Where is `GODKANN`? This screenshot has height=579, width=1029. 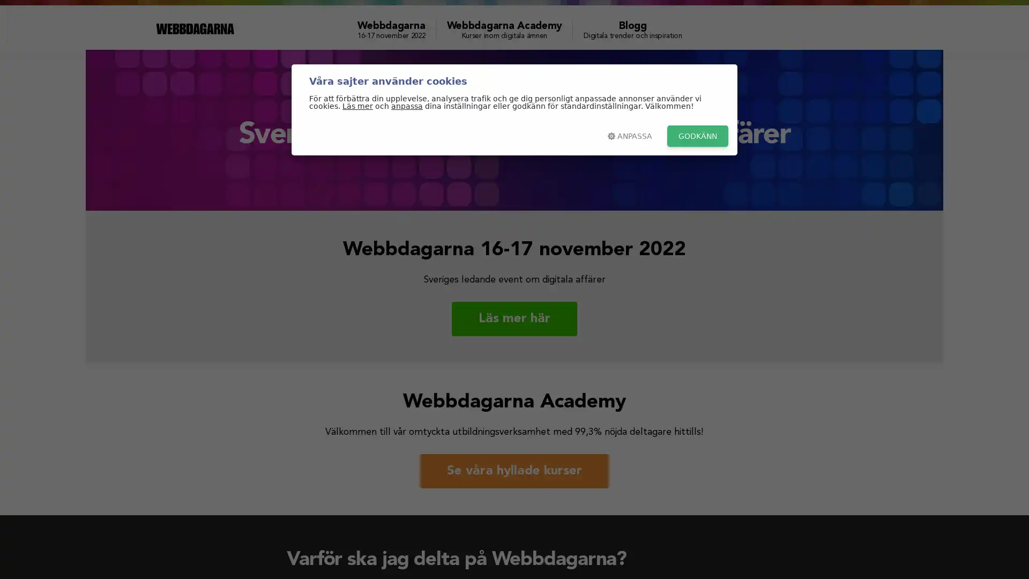 GODKANN is located at coordinates (697, 136).